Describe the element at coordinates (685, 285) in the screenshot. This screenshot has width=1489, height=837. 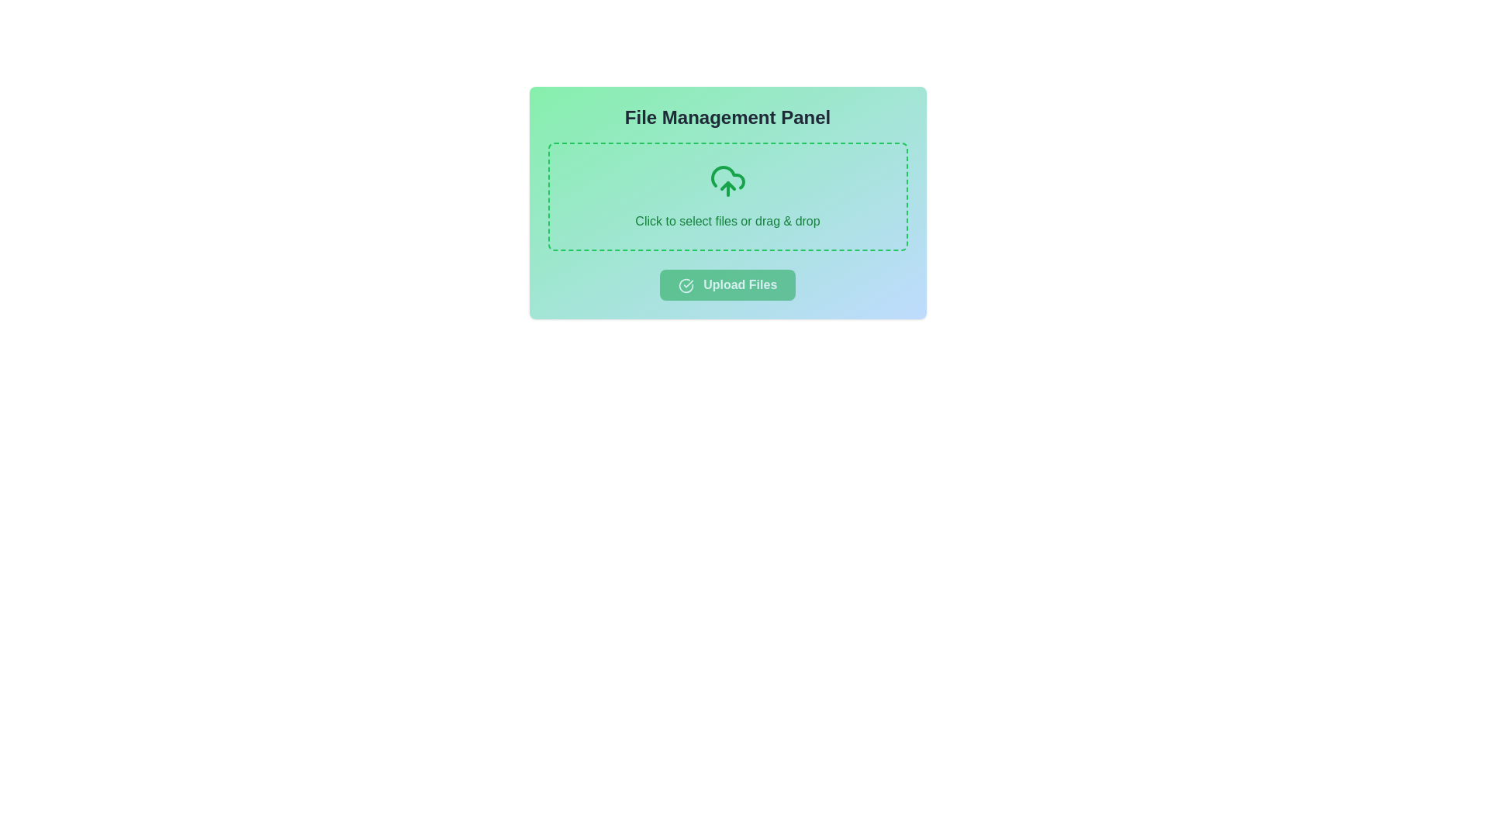
I see `the visual style of the success icon located inside the green 'Upload Files' button, which is positioned at the bottom center of the interface, immediately left of the label text` at that location.